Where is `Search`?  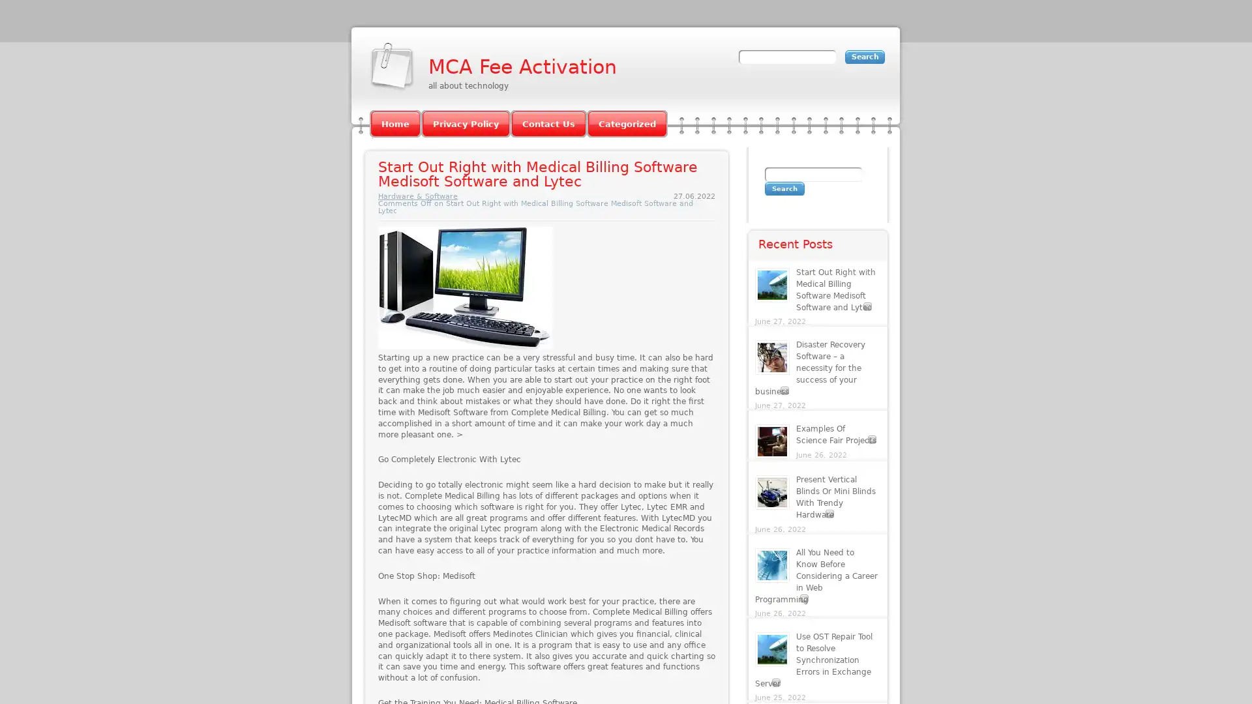
Search is located at coordinates (865, 56).